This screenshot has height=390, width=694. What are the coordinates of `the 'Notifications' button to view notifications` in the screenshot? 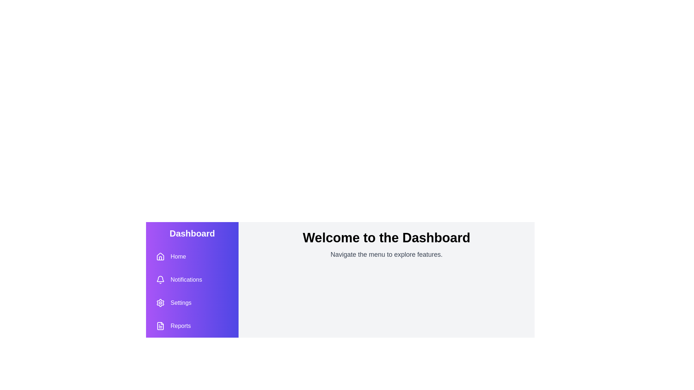 It's located at (179, 279).